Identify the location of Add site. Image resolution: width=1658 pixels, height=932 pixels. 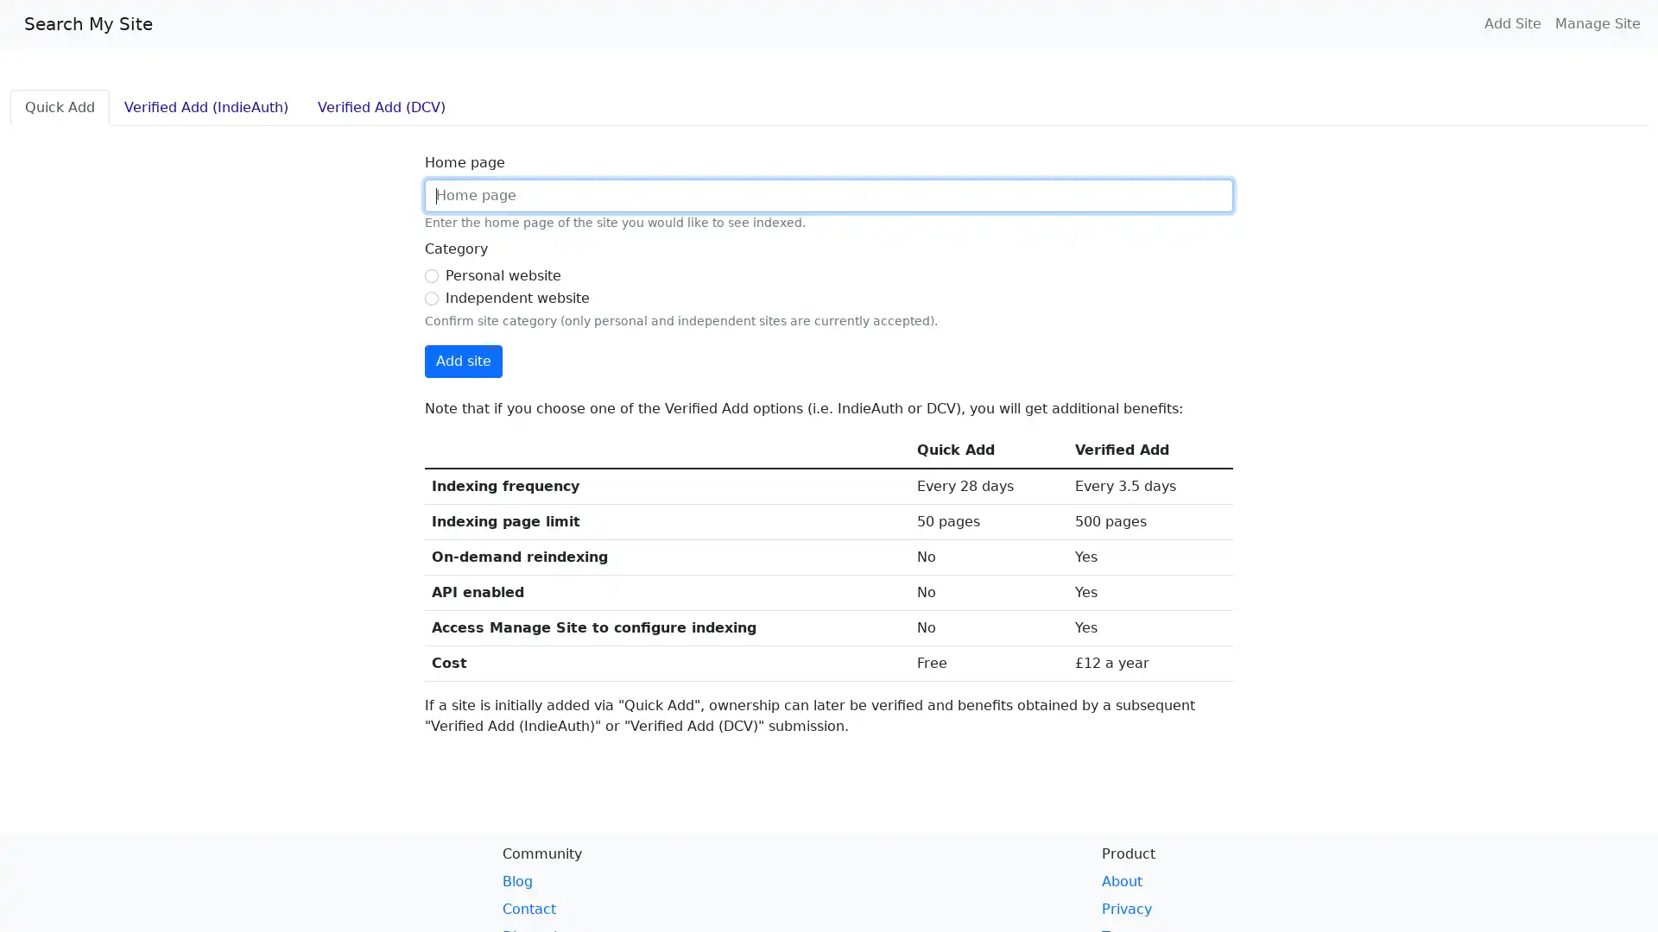
(464, 361).